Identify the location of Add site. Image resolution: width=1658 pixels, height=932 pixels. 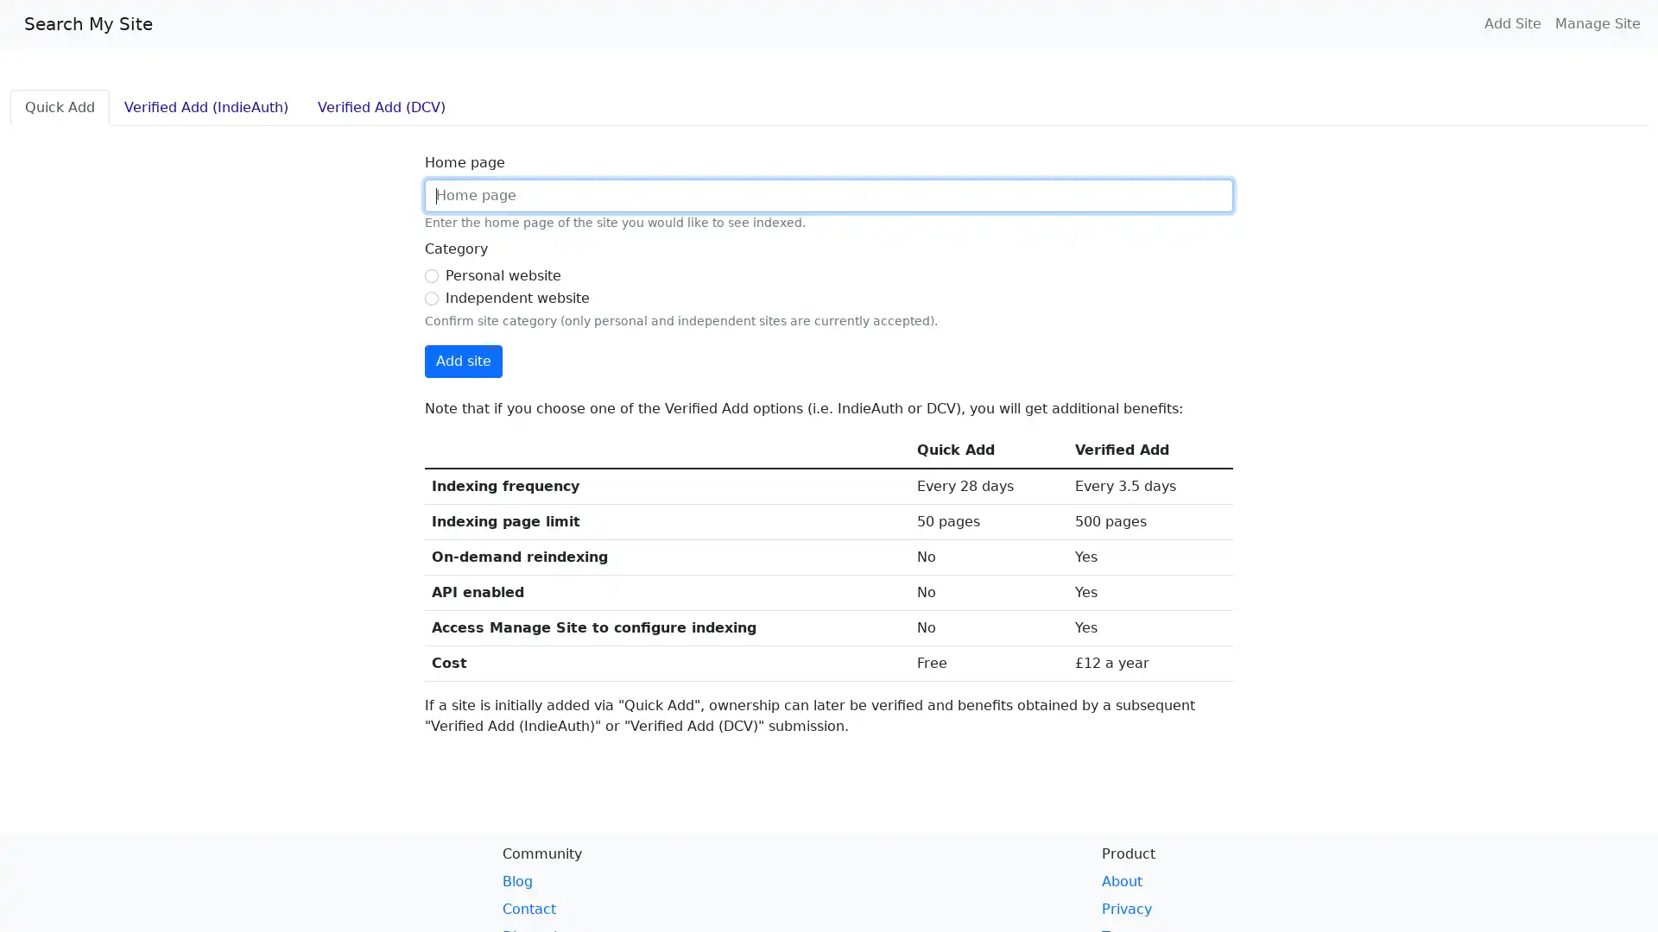
(464, 361).